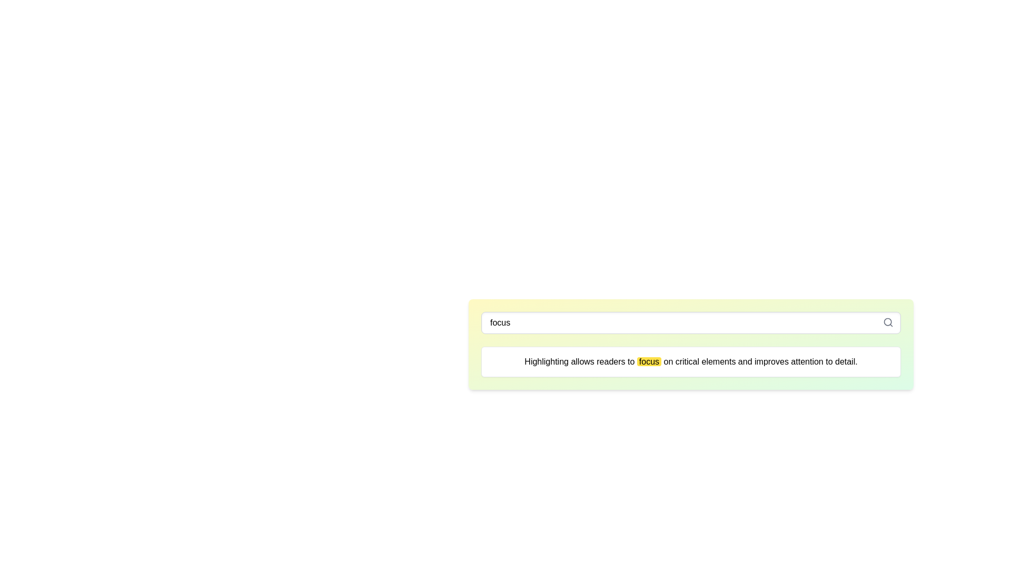 The width and height of the screenshot is (1011, 569). I want to click on the circular graphic of the magnifying glass icon located at the top-right corner of the input field, so click(887, 321).